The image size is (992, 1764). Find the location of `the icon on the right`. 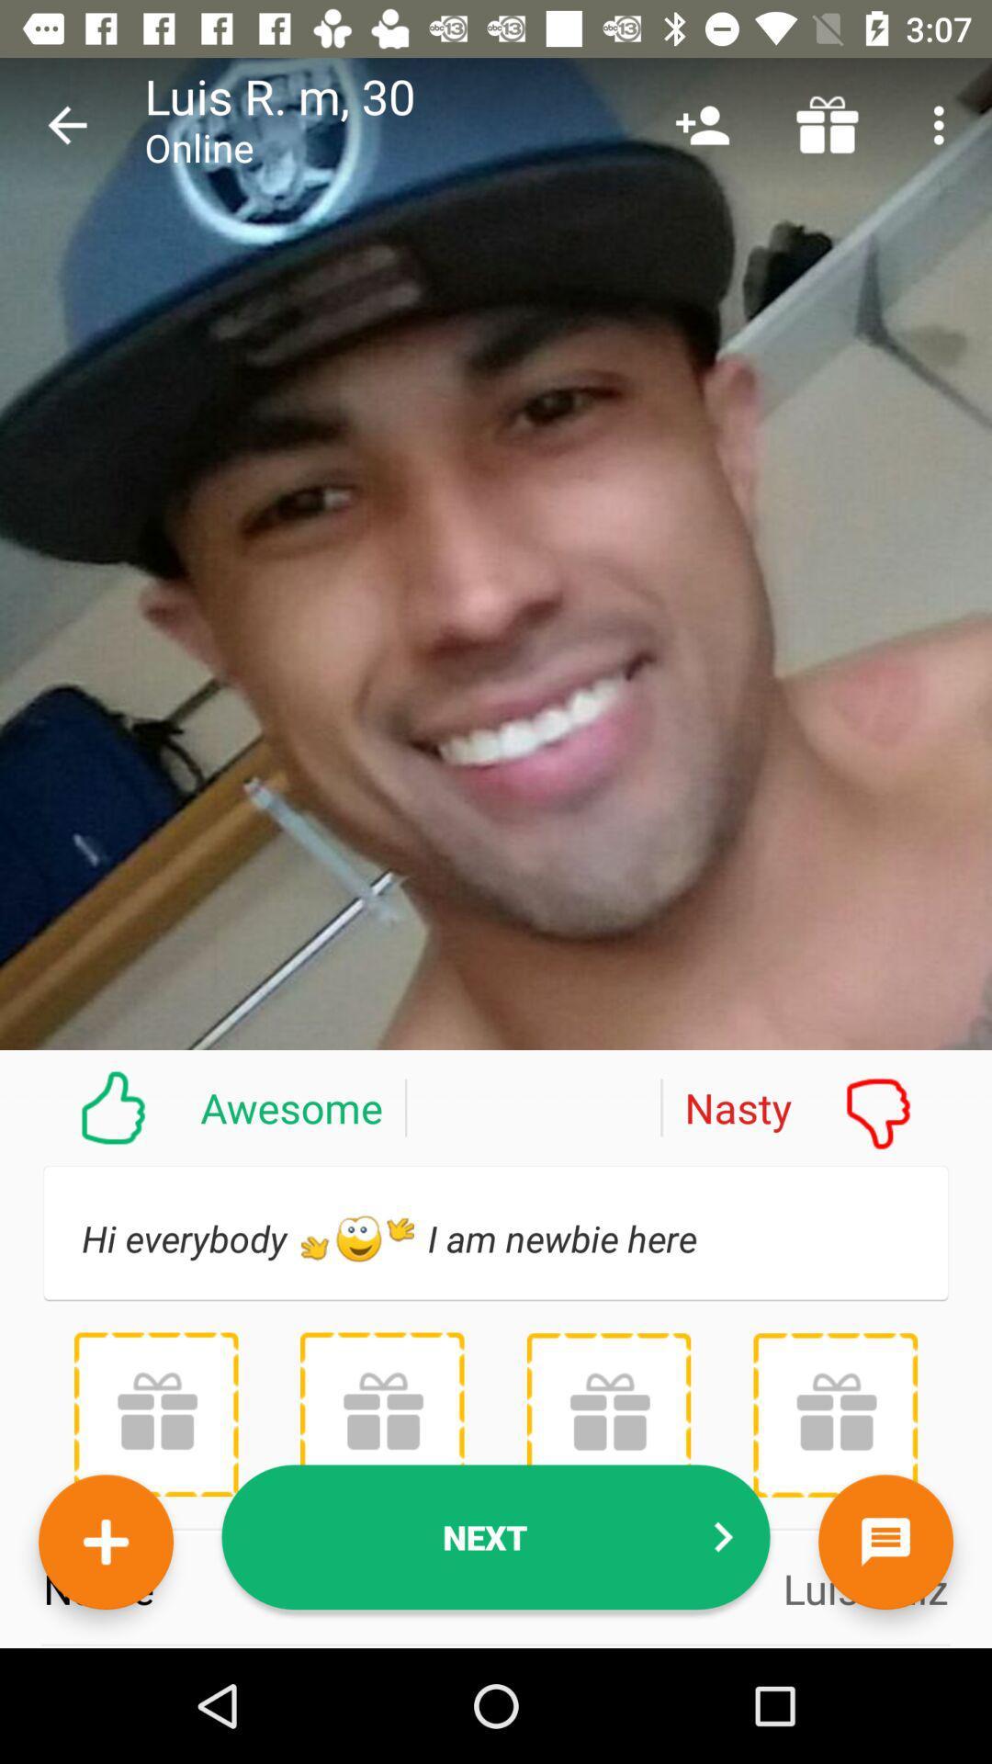

the icon on the right is located at coordinates (825, 1106).